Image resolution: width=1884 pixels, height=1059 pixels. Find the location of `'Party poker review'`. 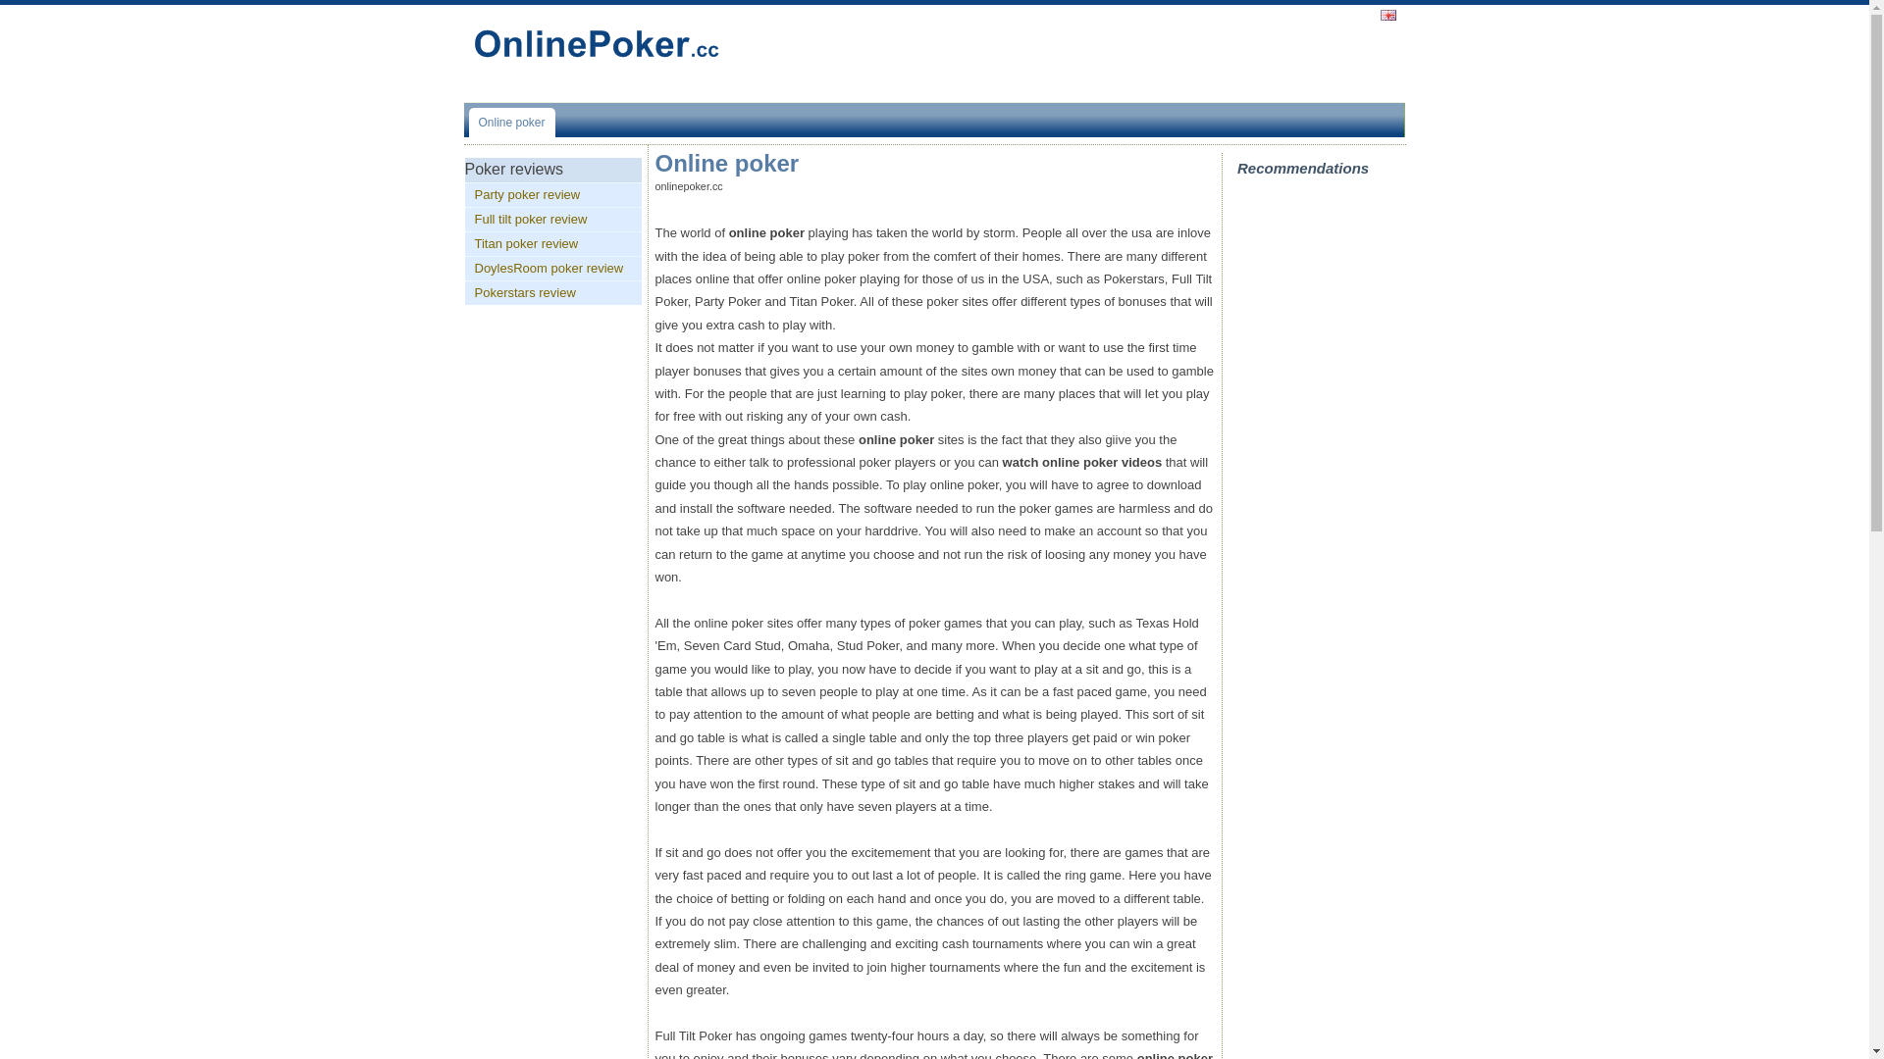

'Party poker review' is located at coordinates (552, 195).